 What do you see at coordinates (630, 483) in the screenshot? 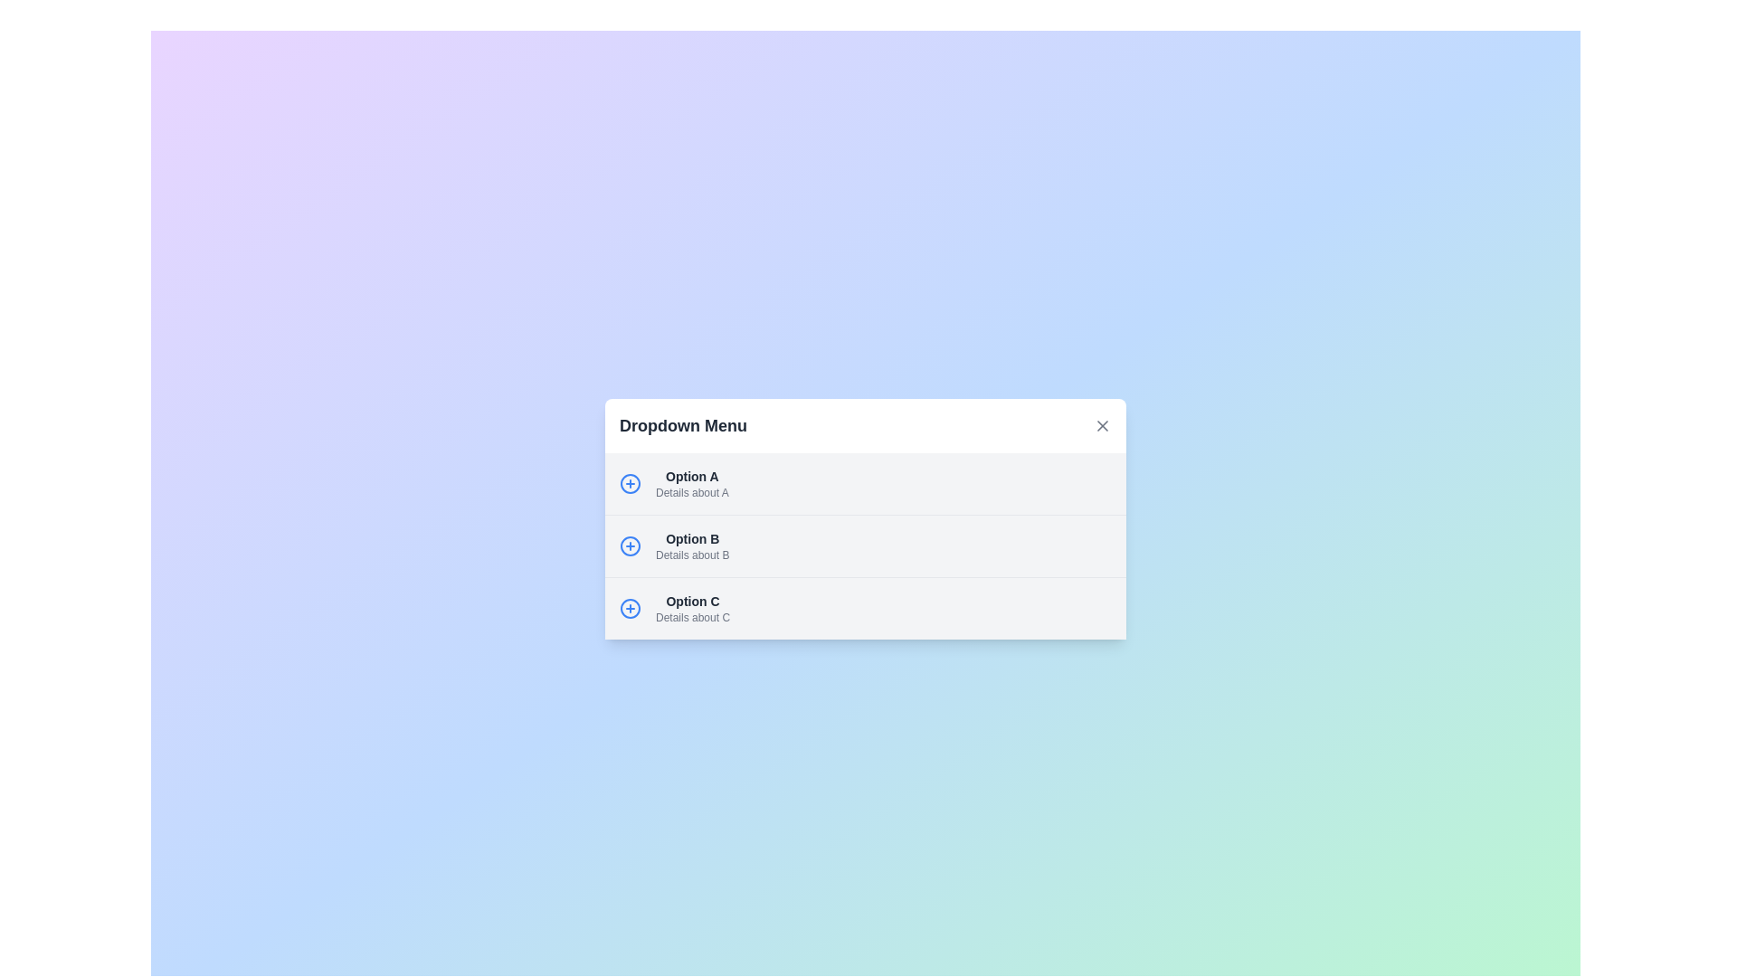
I see `the icon button associated with 'Option A'` at bounding box center [630, 483].